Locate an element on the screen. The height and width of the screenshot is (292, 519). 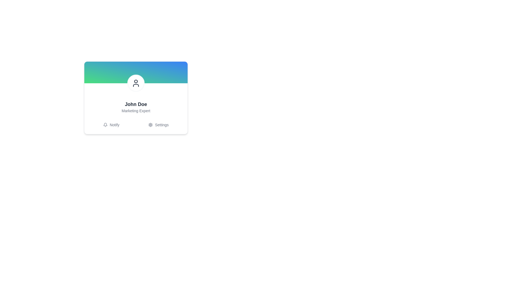
the notification toggle button located in the lower-left section of the user profile card, to the left of the 'Settings' button is located at coordinates (111, 125).